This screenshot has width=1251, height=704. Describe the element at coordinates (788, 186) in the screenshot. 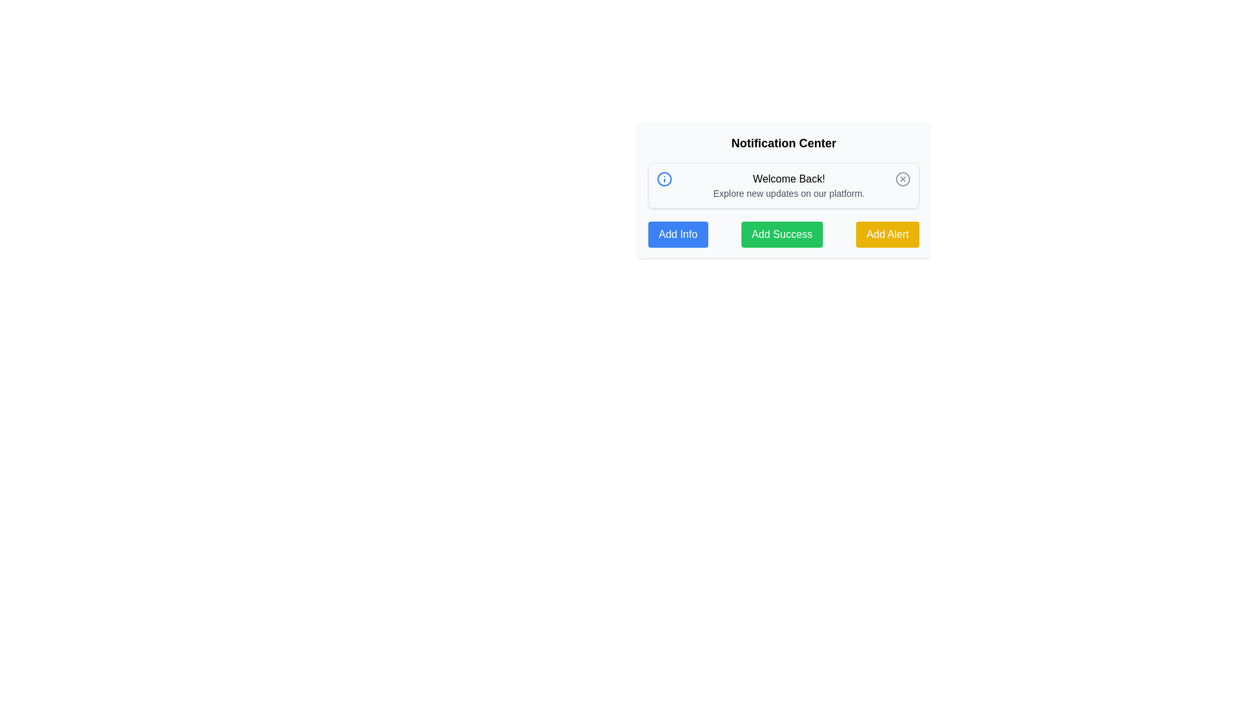

I see `the Text display block which delivers a welcome message and introduces users to updates or changes on the platform` at that location.